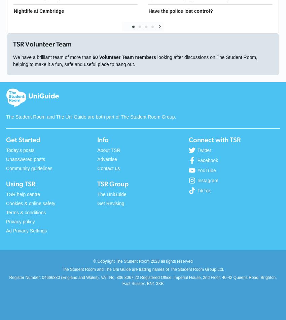 The height and width of the screenshot is (320, 286). I want to click on 'We have a brilliant team of more than', so click(52, 57).